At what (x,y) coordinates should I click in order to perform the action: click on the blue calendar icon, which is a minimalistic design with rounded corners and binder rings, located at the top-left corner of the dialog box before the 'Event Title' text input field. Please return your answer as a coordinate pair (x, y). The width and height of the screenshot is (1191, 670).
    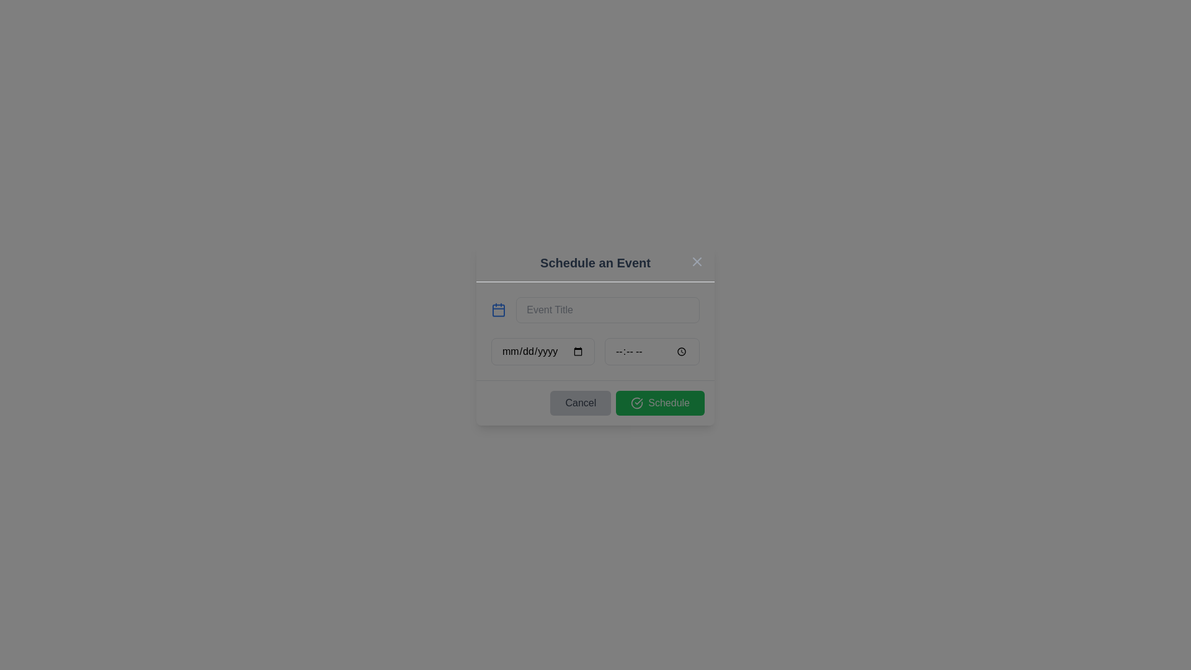
    Looking at the image, I should click on (499, 310).